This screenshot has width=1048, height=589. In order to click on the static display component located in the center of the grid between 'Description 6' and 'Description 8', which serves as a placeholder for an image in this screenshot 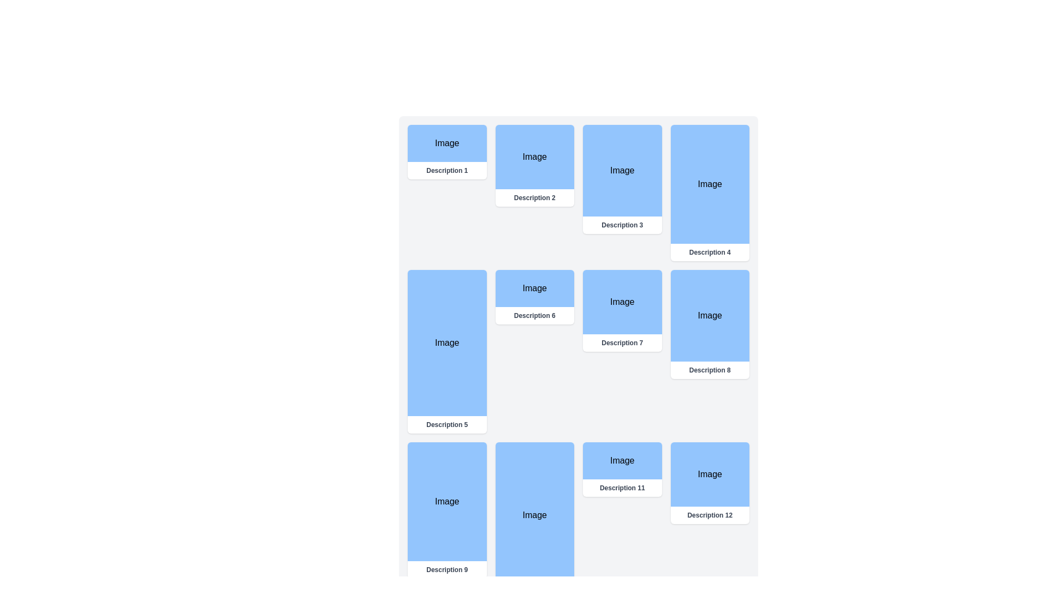, I will do `click(622, 302)`.